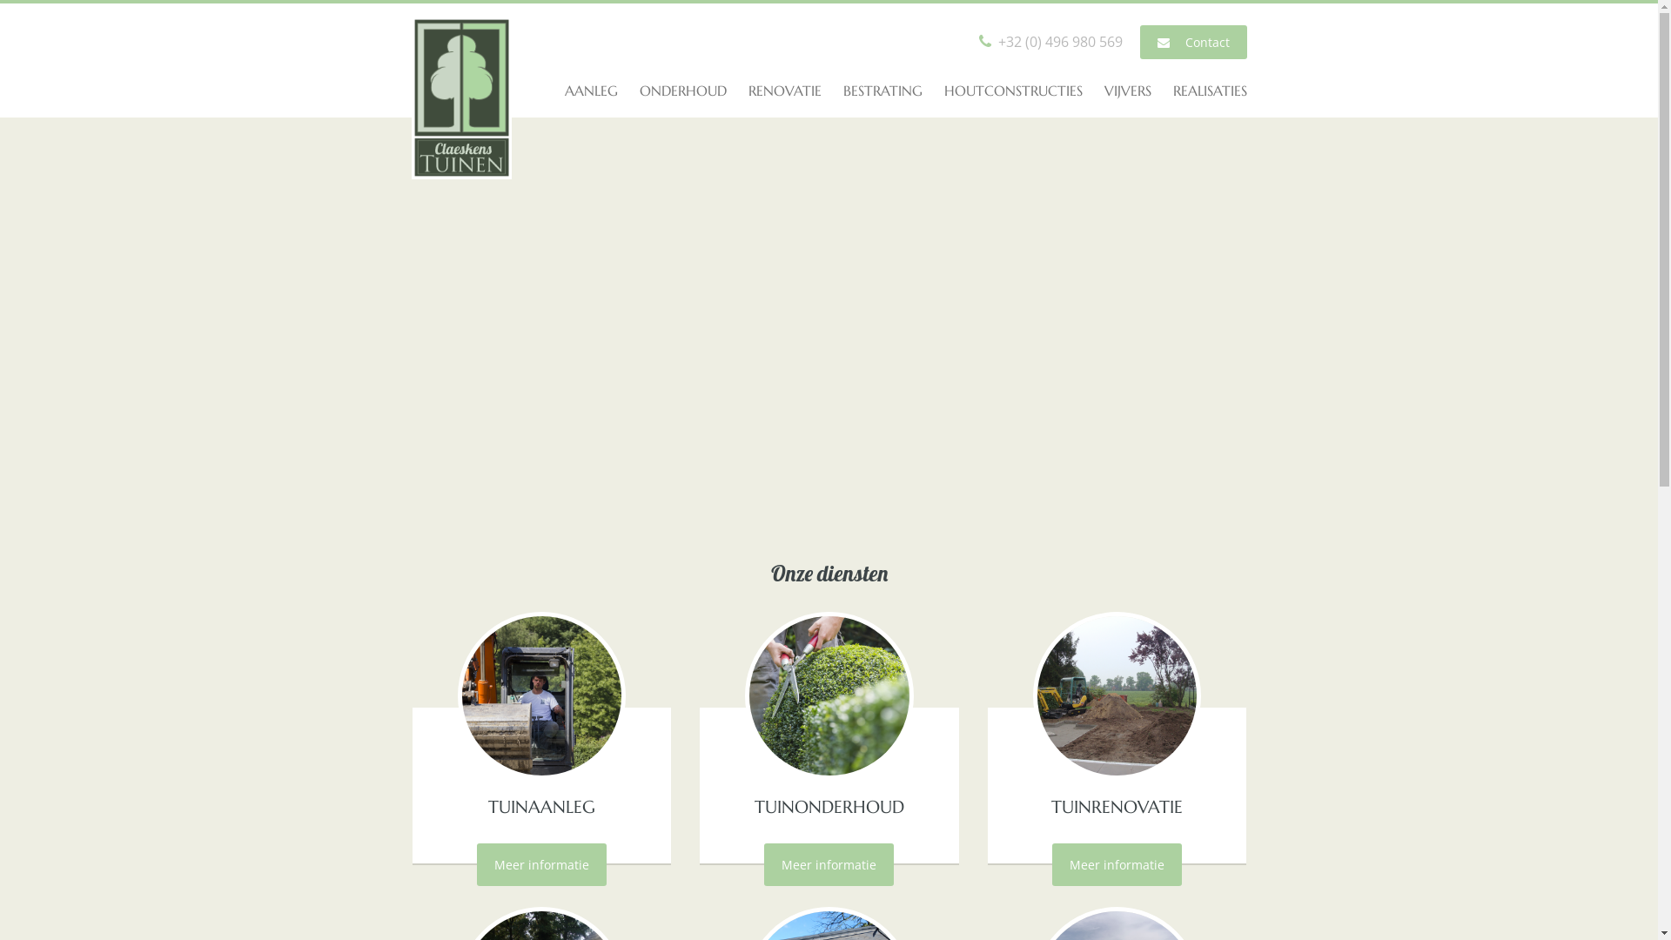 Image resolution: width=1671 pixels, height=940 pixels. I want to click on 'Meer informatie', so click(828, 864).